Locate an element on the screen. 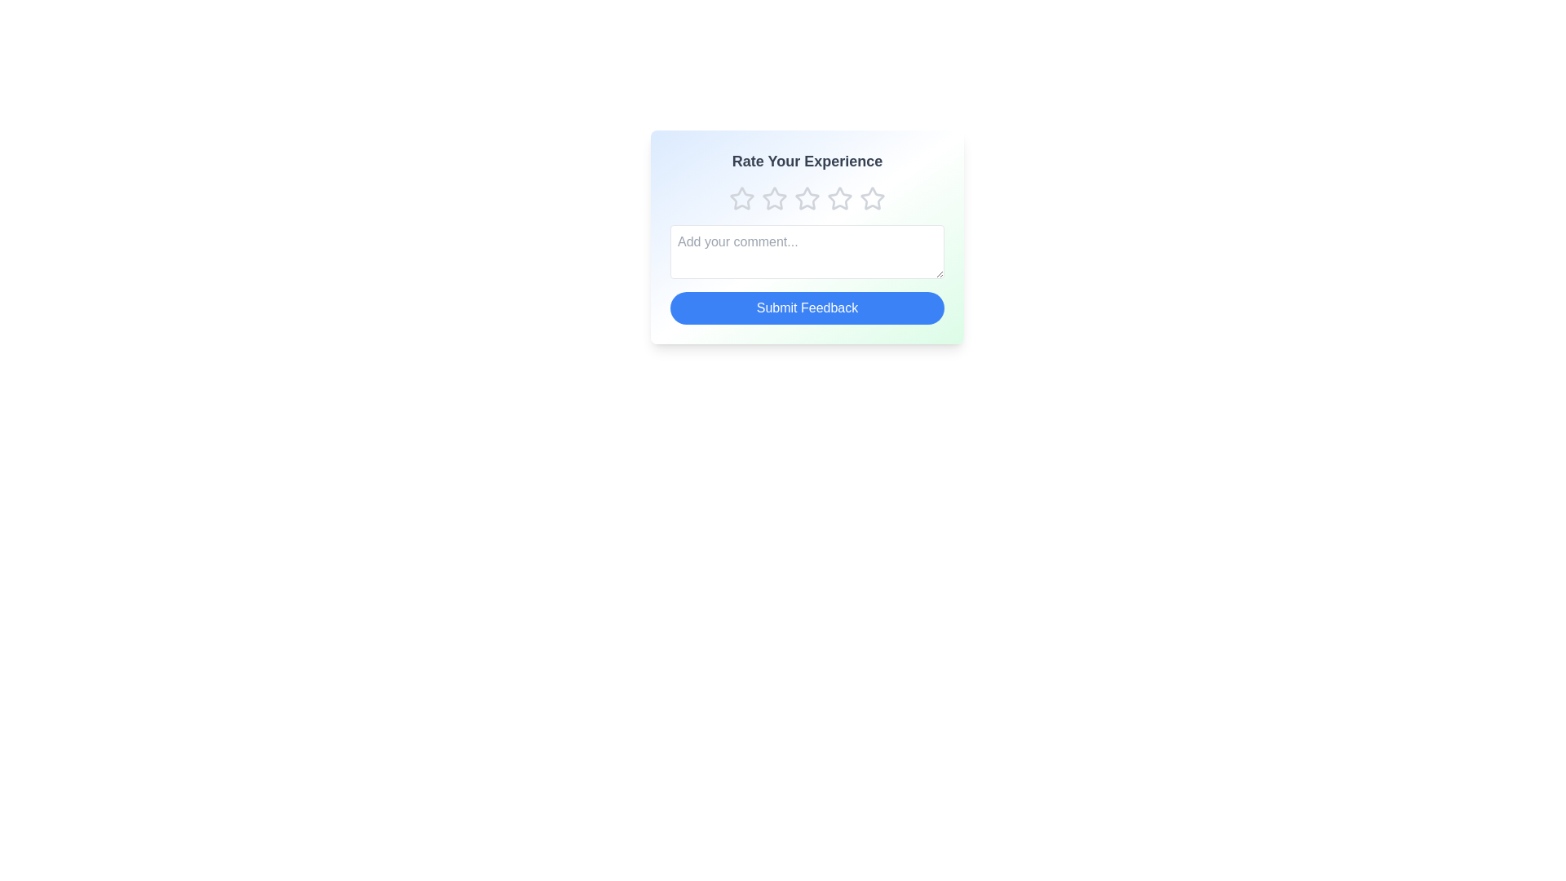 The image size is (1566, 881). the comment input field and type the desired text is located at coordinates (807, 251).